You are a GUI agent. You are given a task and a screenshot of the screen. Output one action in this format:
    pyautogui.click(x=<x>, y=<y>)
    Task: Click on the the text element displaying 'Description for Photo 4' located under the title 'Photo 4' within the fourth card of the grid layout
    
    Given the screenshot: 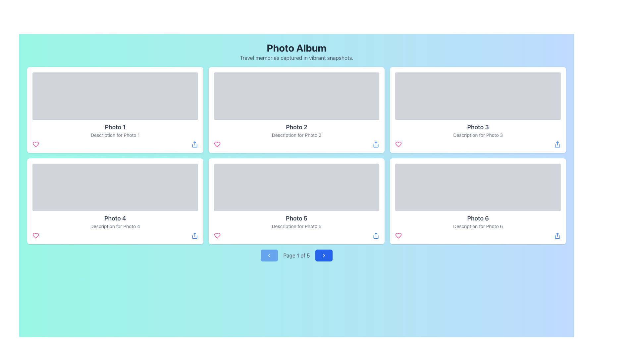 What is the action you would take?
    pyautogui.click(x=115, y=226)
    